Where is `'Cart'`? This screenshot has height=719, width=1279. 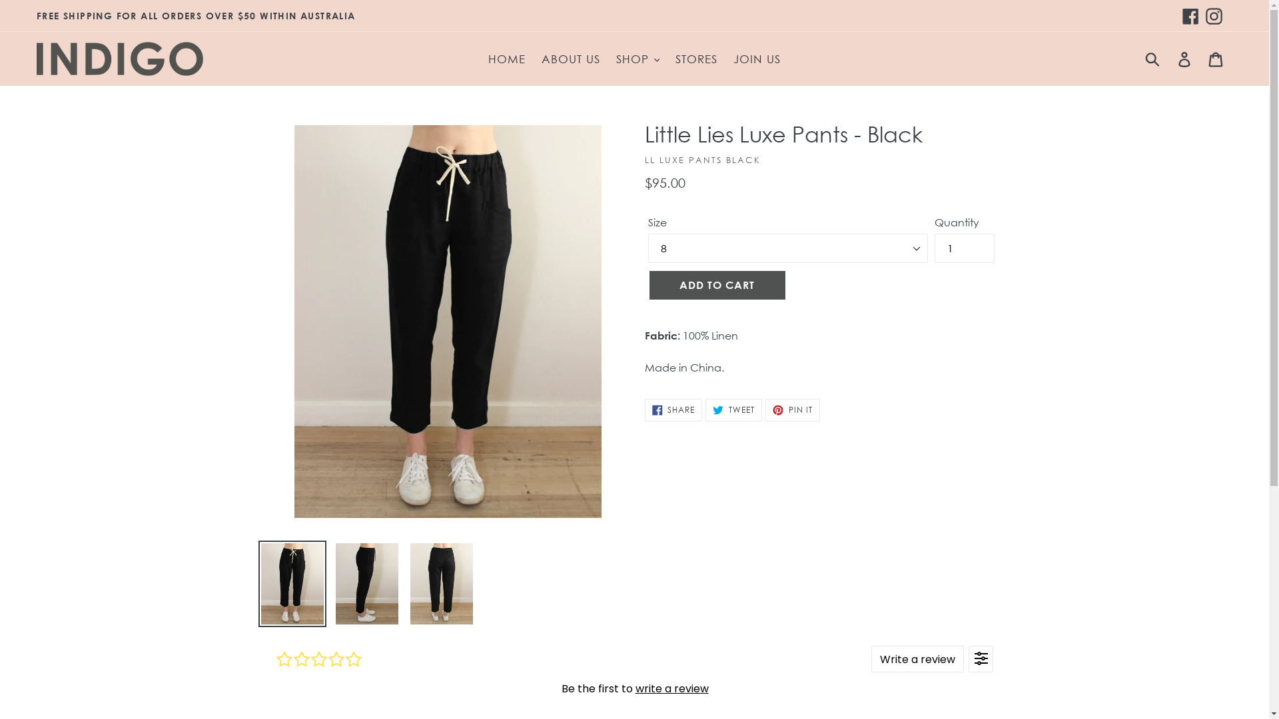 'Cart' is located at coordinates (1216, 58).